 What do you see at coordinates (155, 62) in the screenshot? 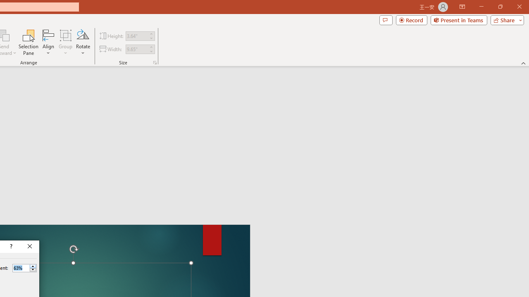
I see `'Size and Position...'` at bounding box center [155, 62].